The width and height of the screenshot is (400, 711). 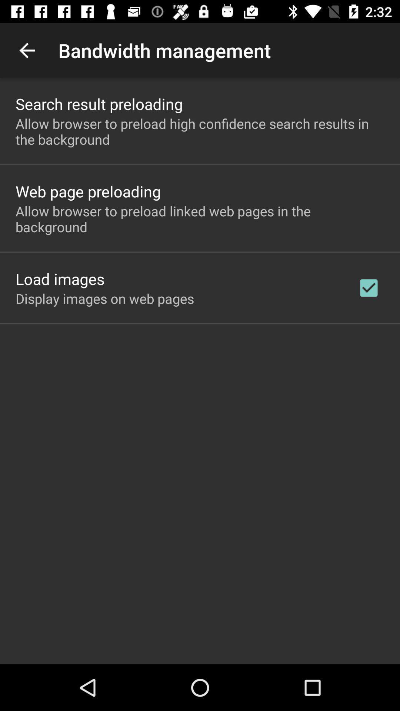 What do you see at coordinates (99, 103) in the screenshot?
I see `app above the allow browser to` at bounding box center [99, 103].